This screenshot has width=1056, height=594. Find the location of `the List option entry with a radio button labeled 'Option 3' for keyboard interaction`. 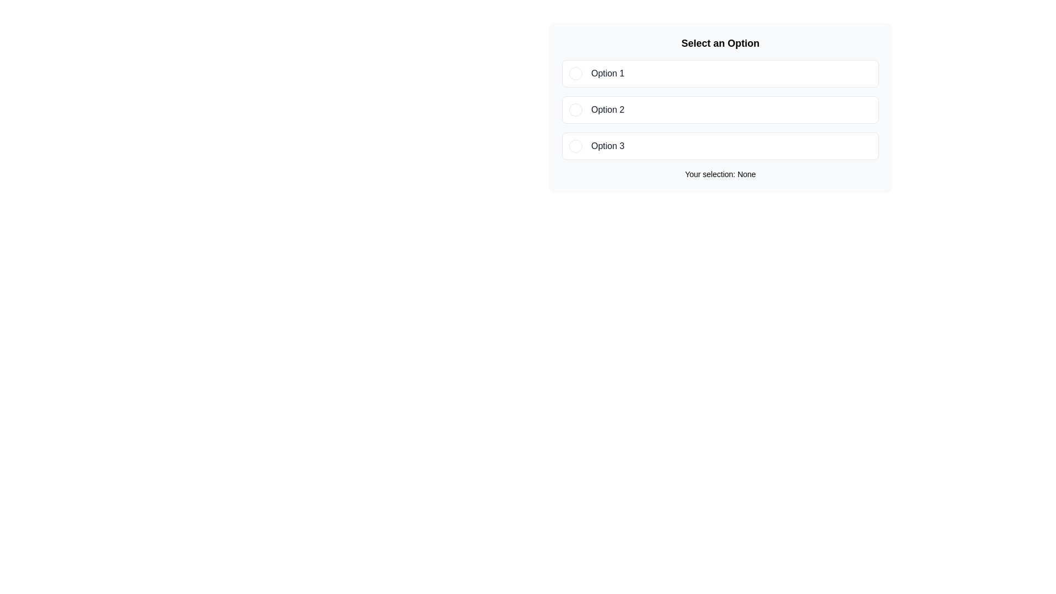

the List option entry with a radio button labeled 'Option 3' for keyboard interaction is located at coordinates (721, 146).